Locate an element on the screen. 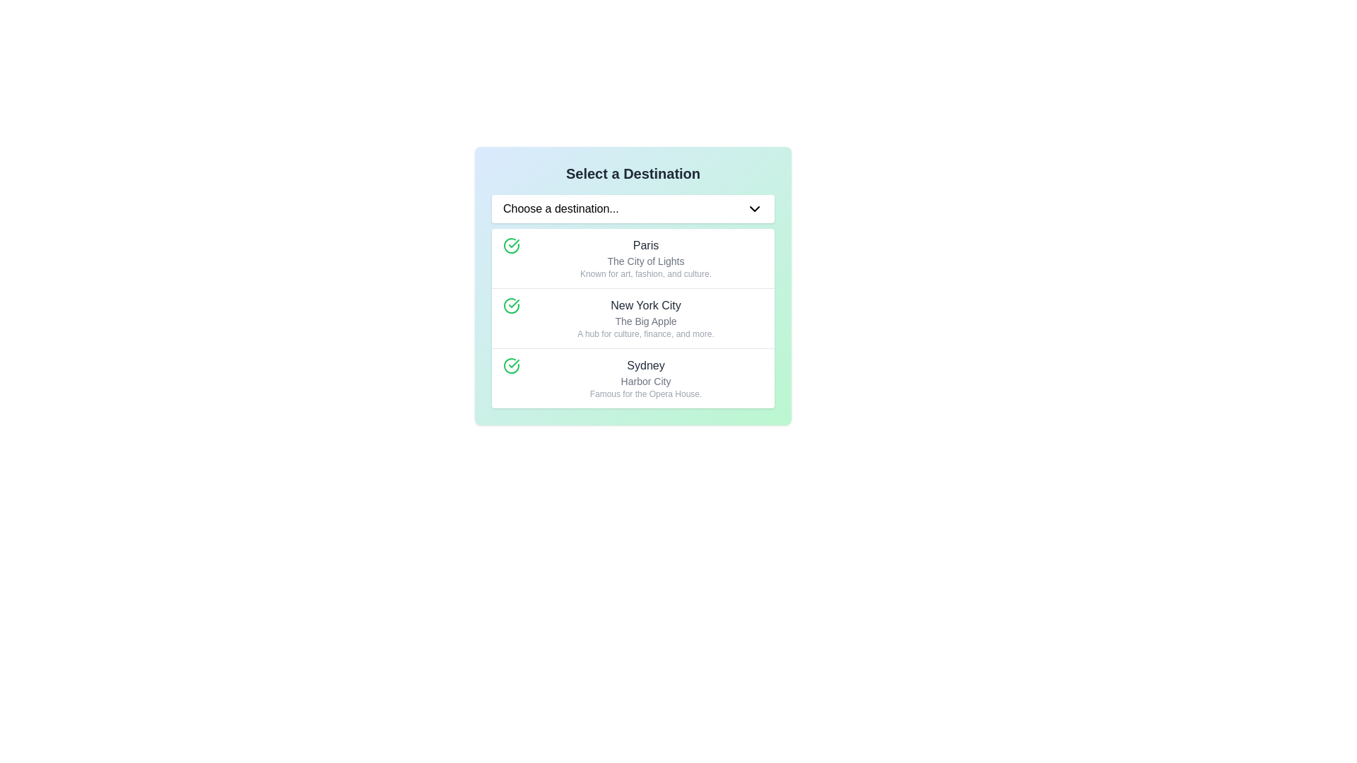 This screenshot has width=1357, height=763. the status of the green circle icon with a white checkmark, located to the left of 'New York City' in the 'Select a Destination' list is located at coordinates (511, 304).